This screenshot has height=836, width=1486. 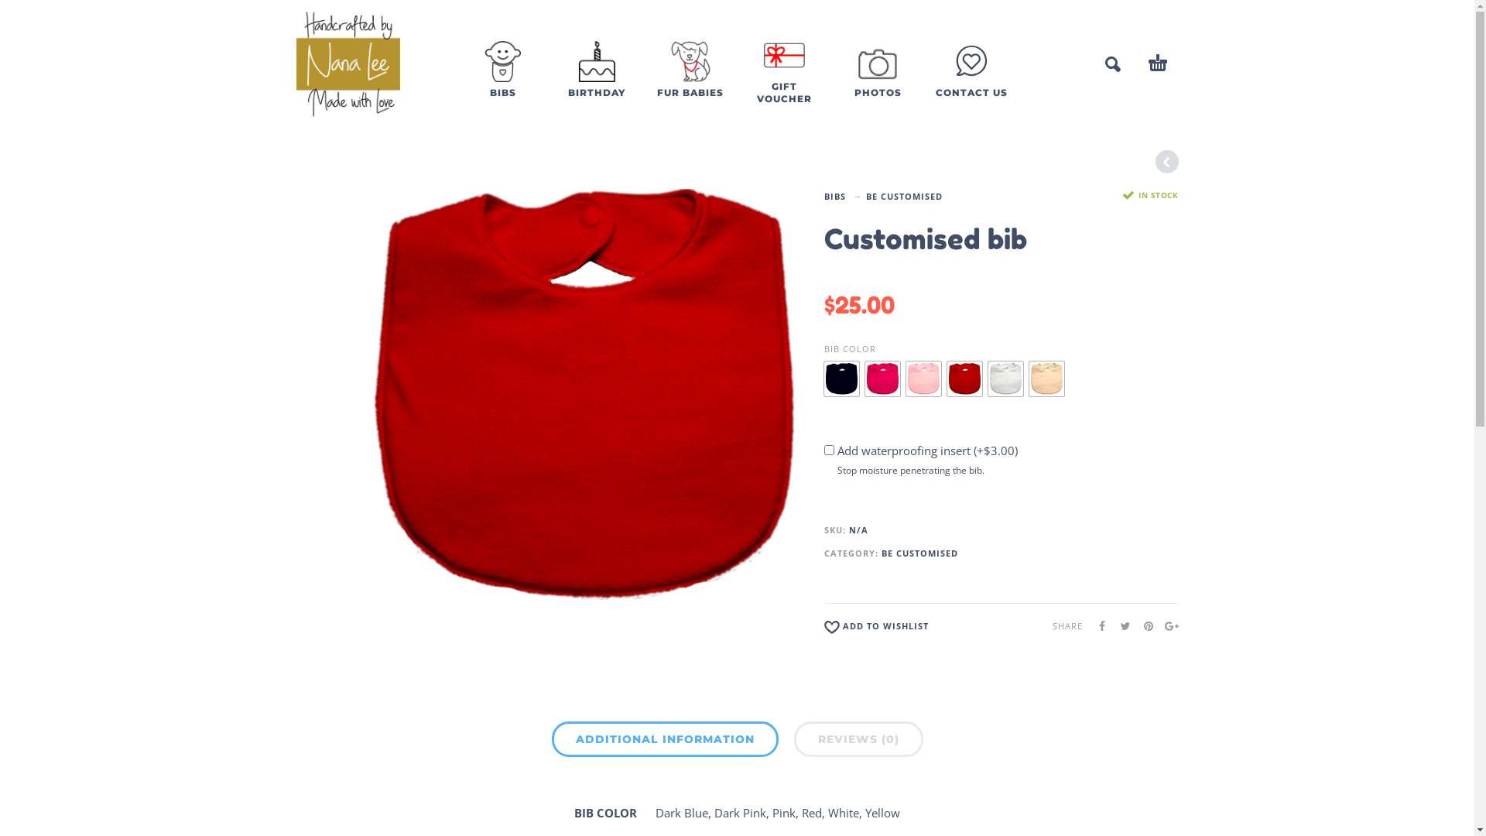 What do you see at coordinates (690, 82) in the screenshot?
I see `'FUR BABIES'` at bounding box center [690, 82].